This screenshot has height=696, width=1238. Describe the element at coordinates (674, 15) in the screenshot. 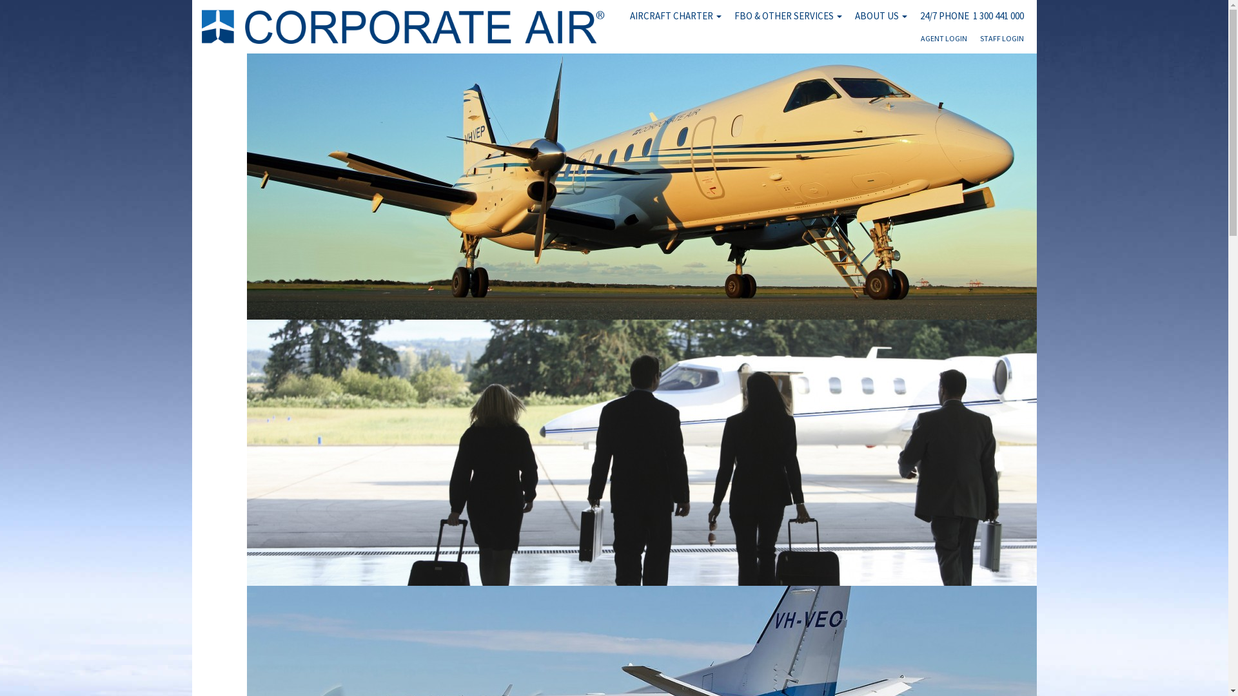

I see `'AIRCRAFT CHARTER'` at that location.